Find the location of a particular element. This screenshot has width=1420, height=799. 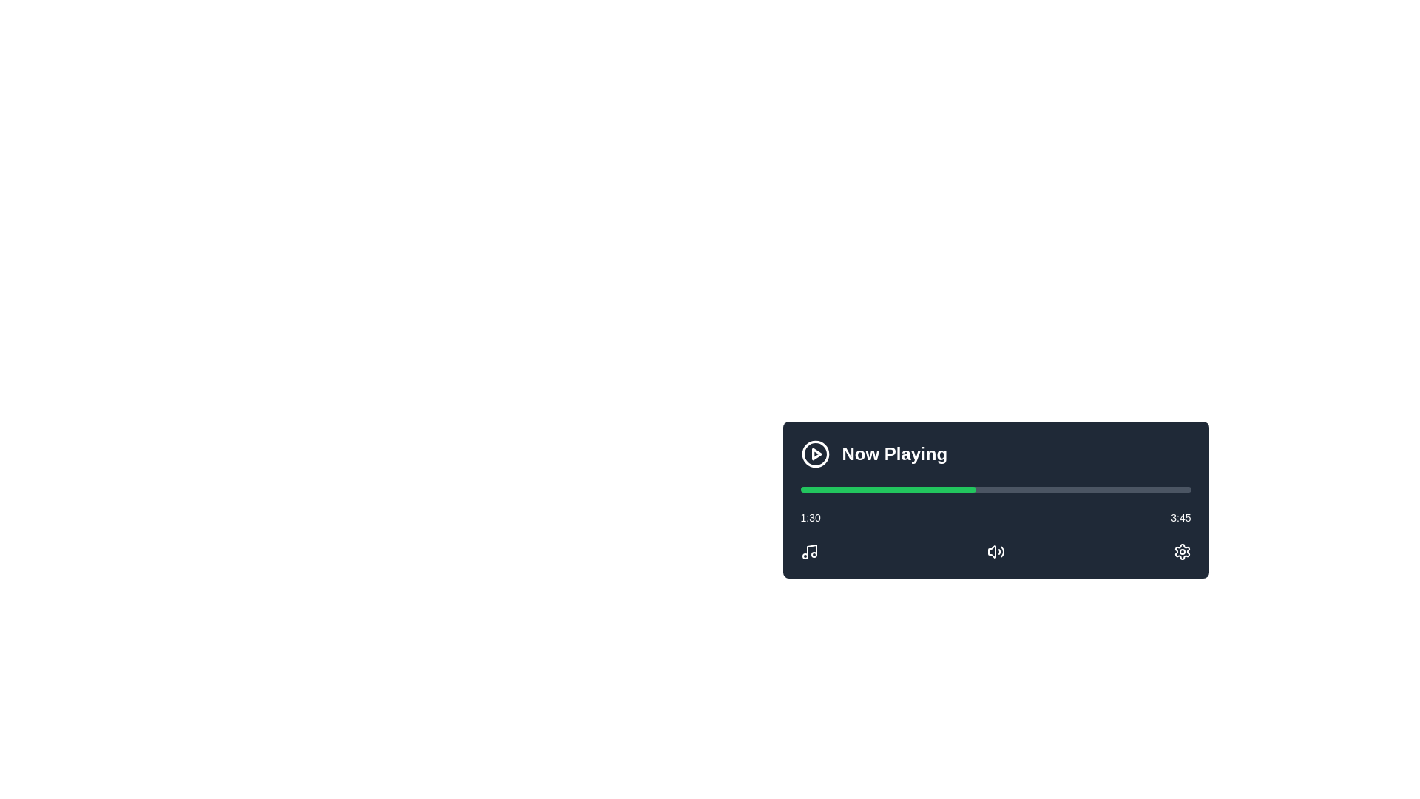

the speaker icon in the media player interface is located at coordinates (991, 551).